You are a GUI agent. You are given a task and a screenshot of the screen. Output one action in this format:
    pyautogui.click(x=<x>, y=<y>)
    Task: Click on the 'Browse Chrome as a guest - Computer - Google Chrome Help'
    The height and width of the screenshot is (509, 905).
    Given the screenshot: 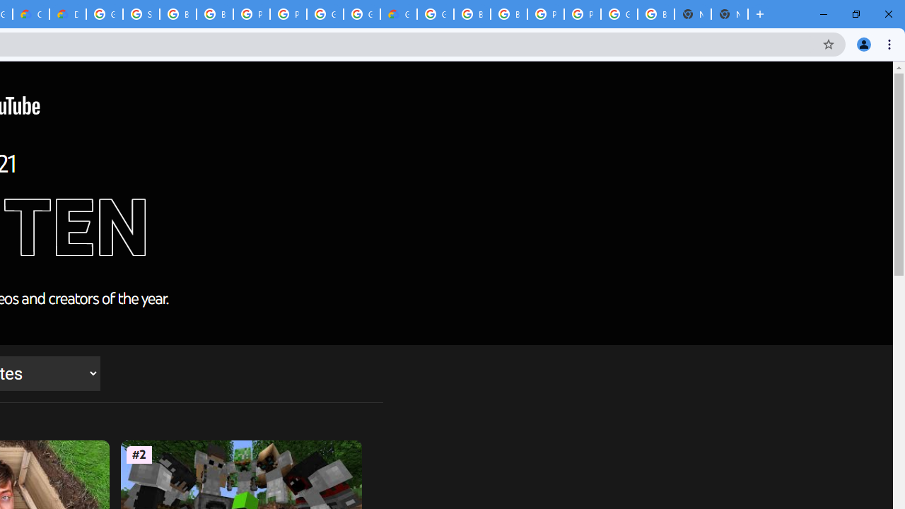 What is the action you would take?
    pyautogui.click(x=214, y=14)
    